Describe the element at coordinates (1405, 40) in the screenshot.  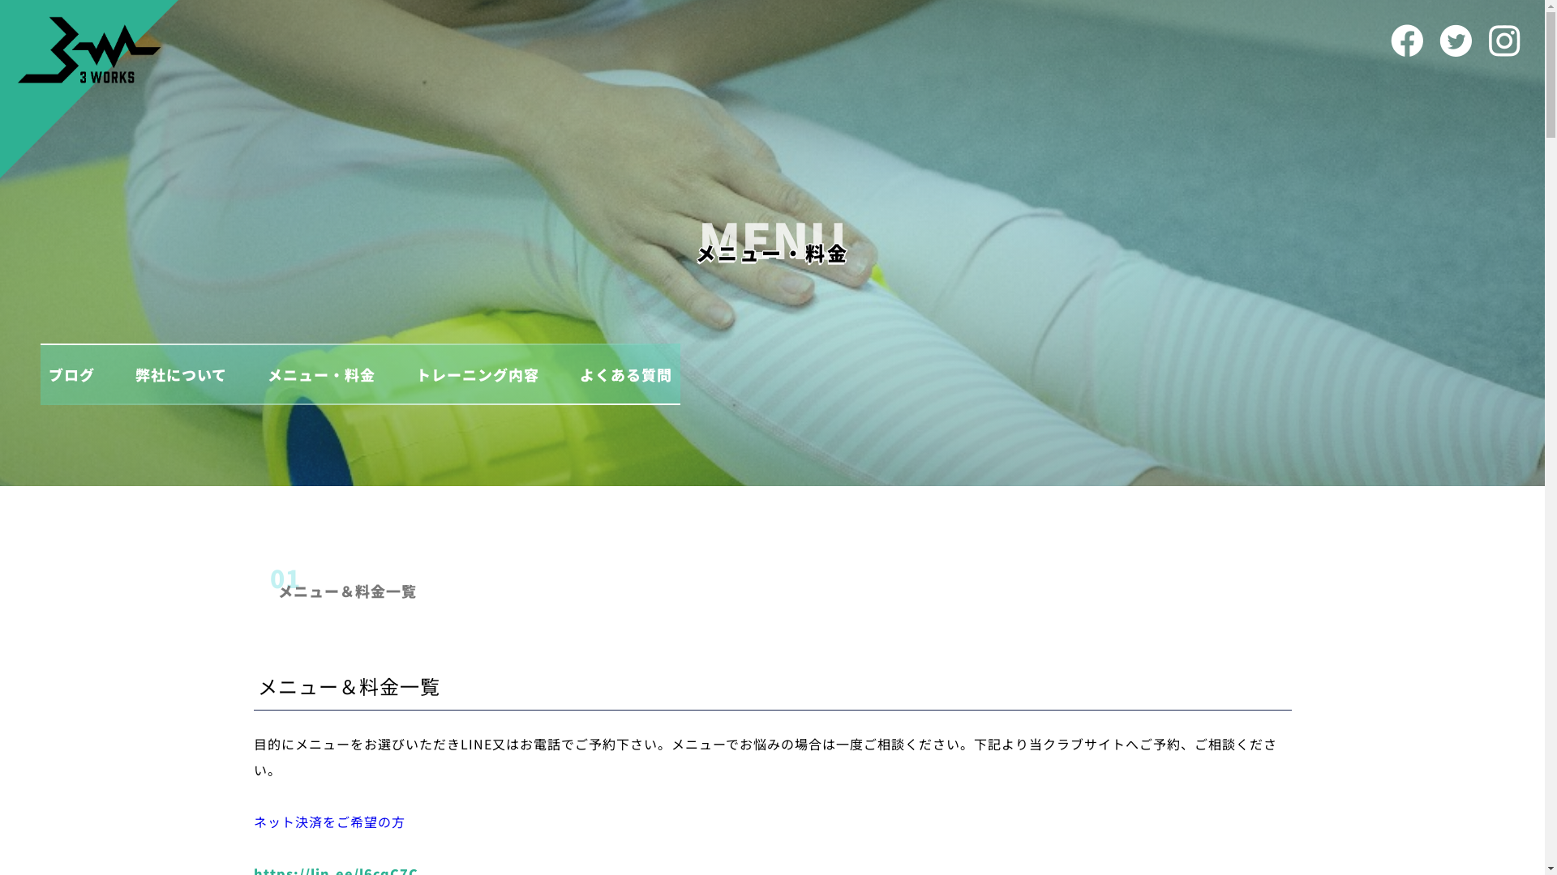
I see `'Facebook'` at that location.